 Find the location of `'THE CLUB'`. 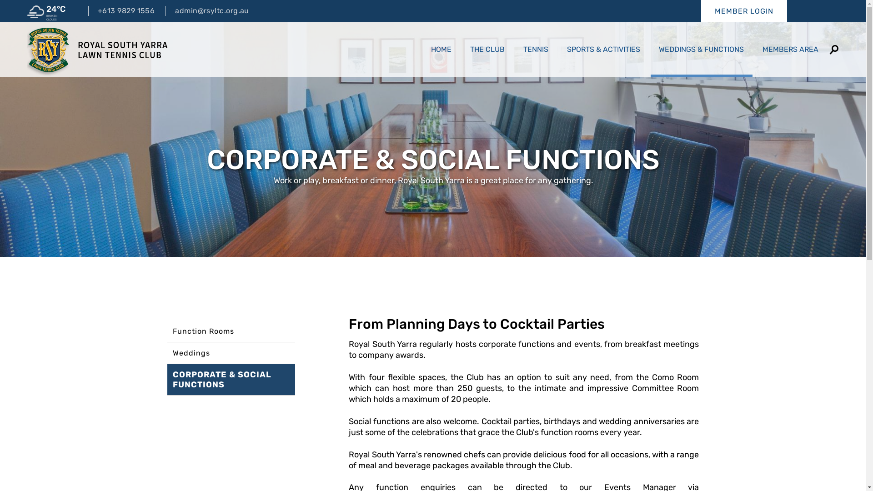

'THE CLUB' is located at coordinates (487, 49).